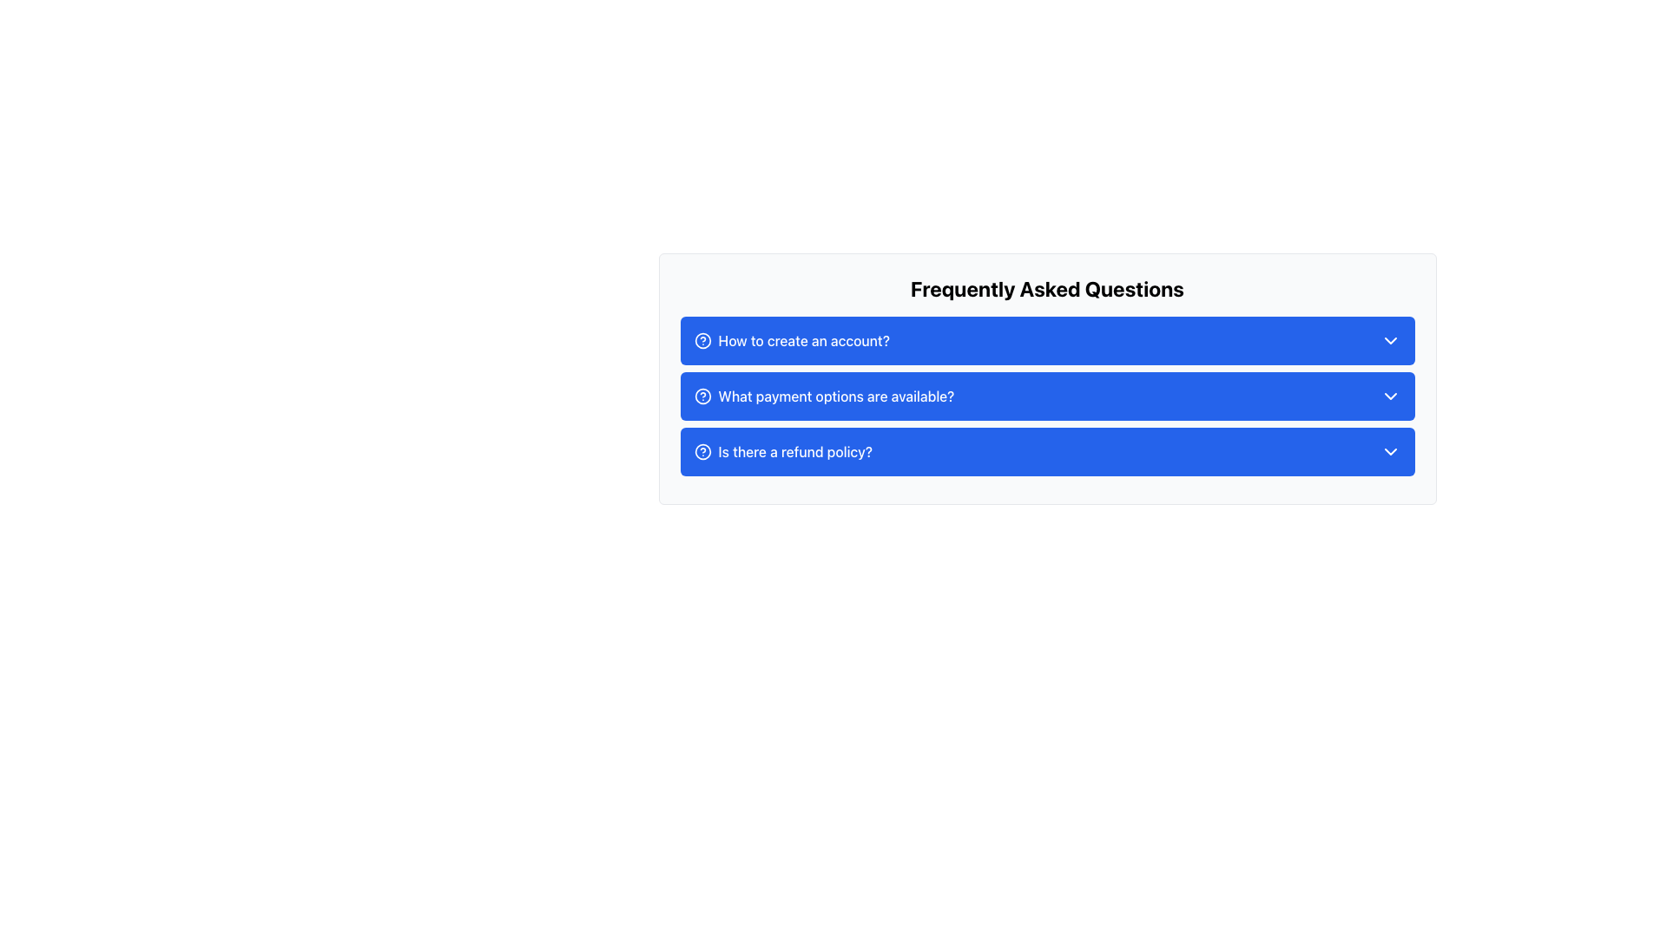 This screenshot has height=937, width=1667. Describe the element at coordinates (836, 396) in the screenshot. I see `the text label displaying the question 'What payment options are available?'` at that location.